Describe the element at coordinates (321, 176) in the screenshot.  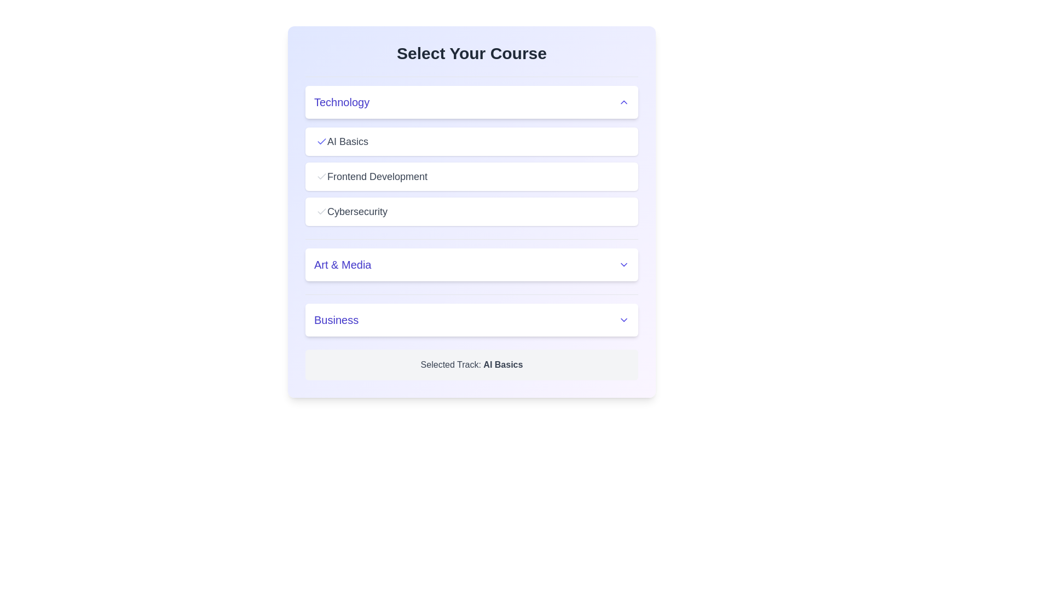
I see `the visual state of the Checkmark icon indicating that the option 'Frontend Development' is selected or completed, located at the left side of the row labeled 'Frontend Development'` at that location.